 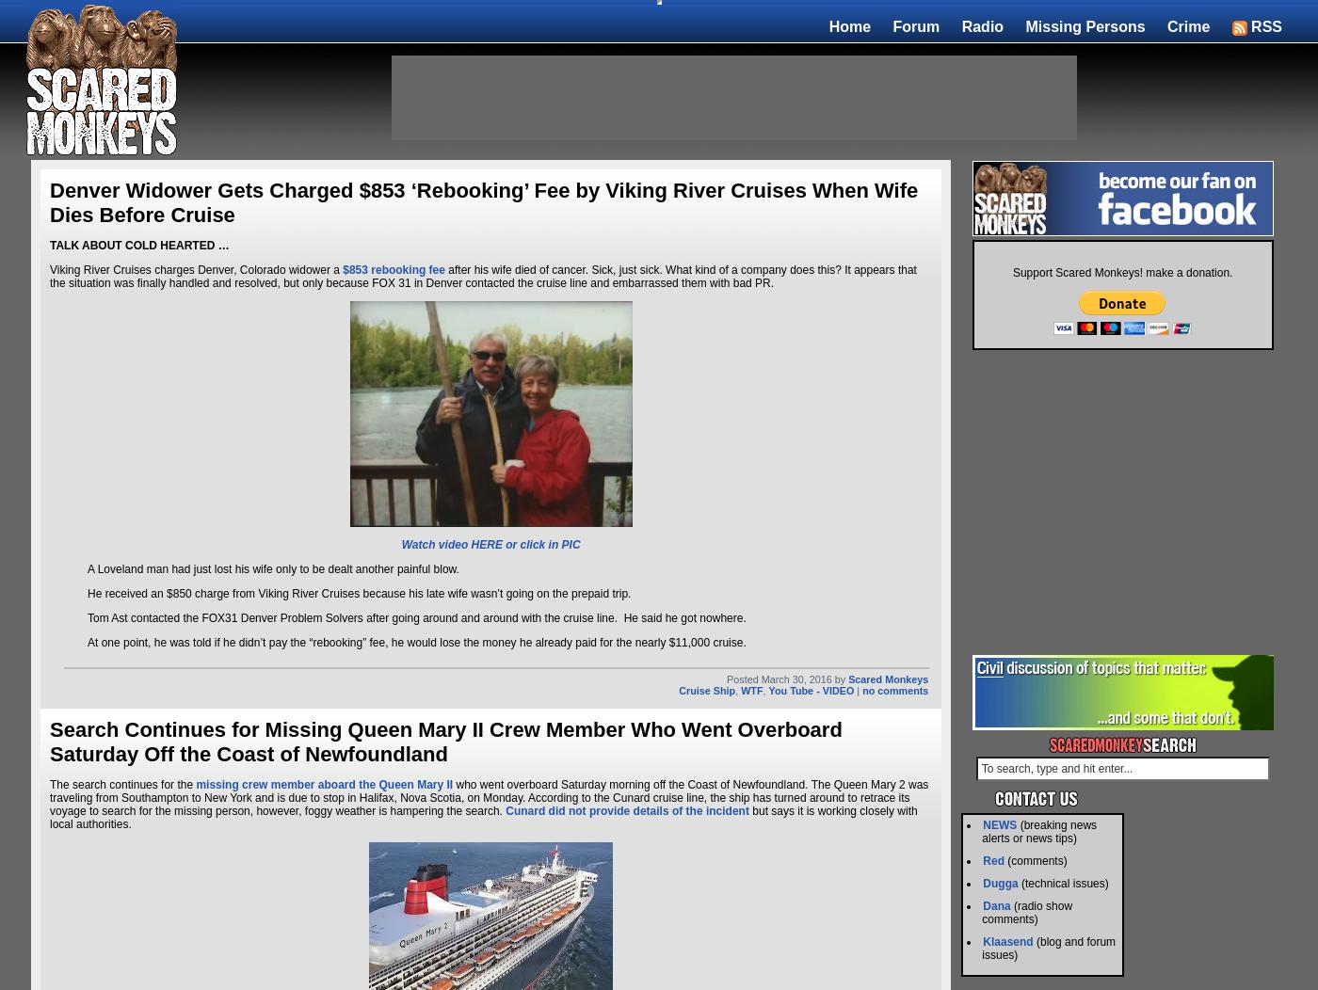 What do you see at coordinates (982, 25) in the screenshot?
I see `'Radio'` at bounding box center [982, 25].